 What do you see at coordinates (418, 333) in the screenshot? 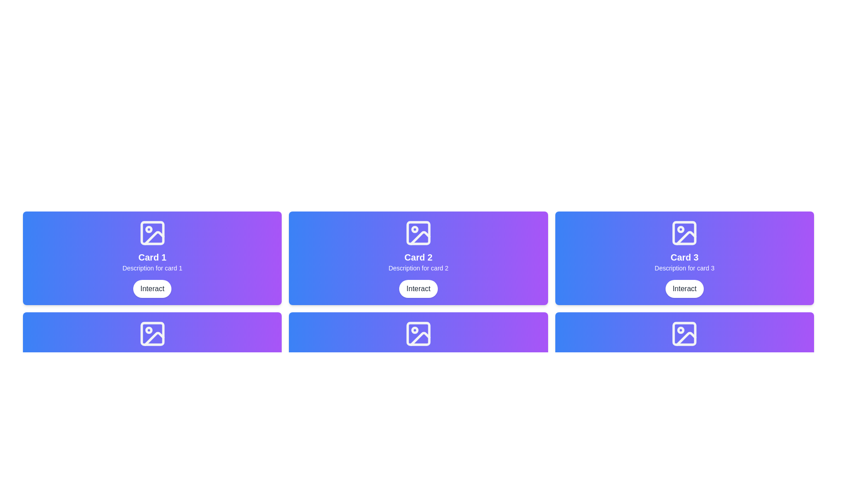
I see `the rectangular background portion of the top left corner of the image placeholder SVG icon within the bottom middle card` at bounding box center [418, 333].